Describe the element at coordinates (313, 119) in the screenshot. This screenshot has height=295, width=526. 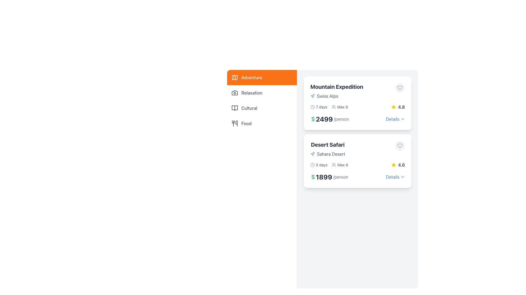
I see `price information associated with the green dollar-sign icon located to the left of the text '2499/person' in the 'Mountain Expedition' details section` at that location.